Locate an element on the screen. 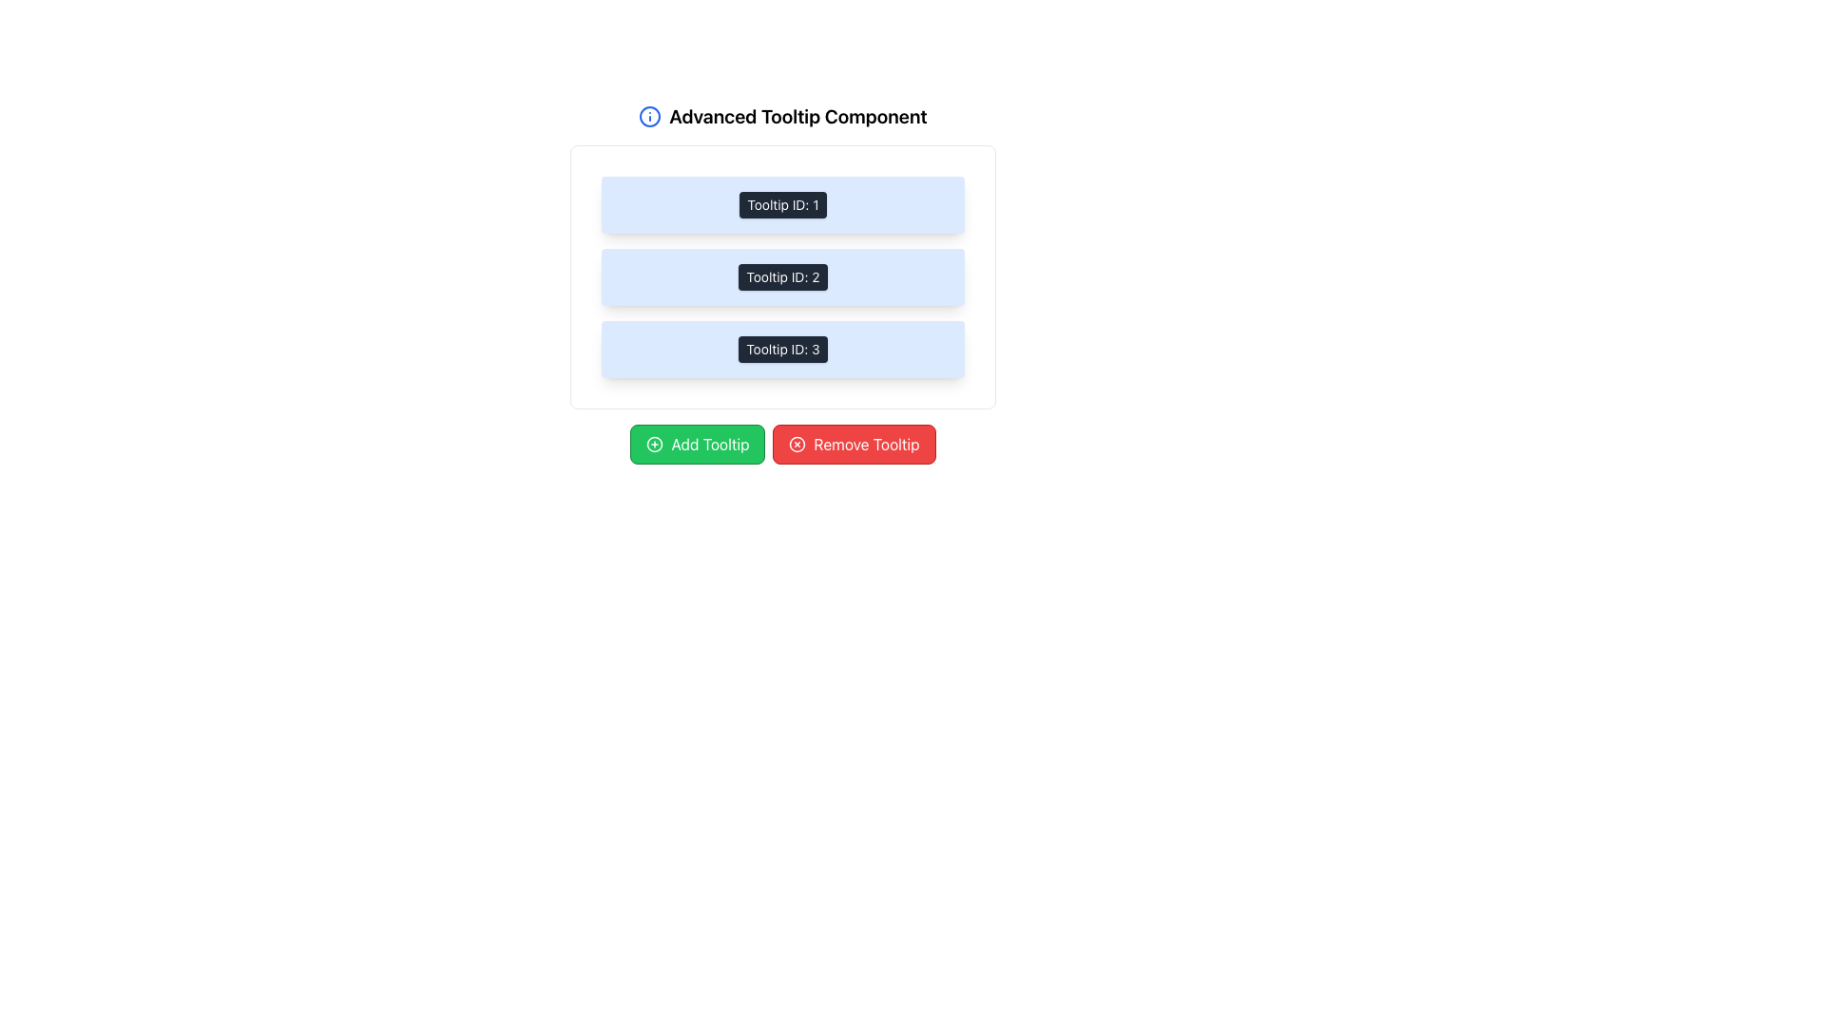 Image resolution: width=1825 pixels, height=1026 pixels. tooltip text of the second tooltip, which displays 'Tooltip ID: 2' enclosed in a rectangle with a dark gray background is located at coordinates (783, 284).